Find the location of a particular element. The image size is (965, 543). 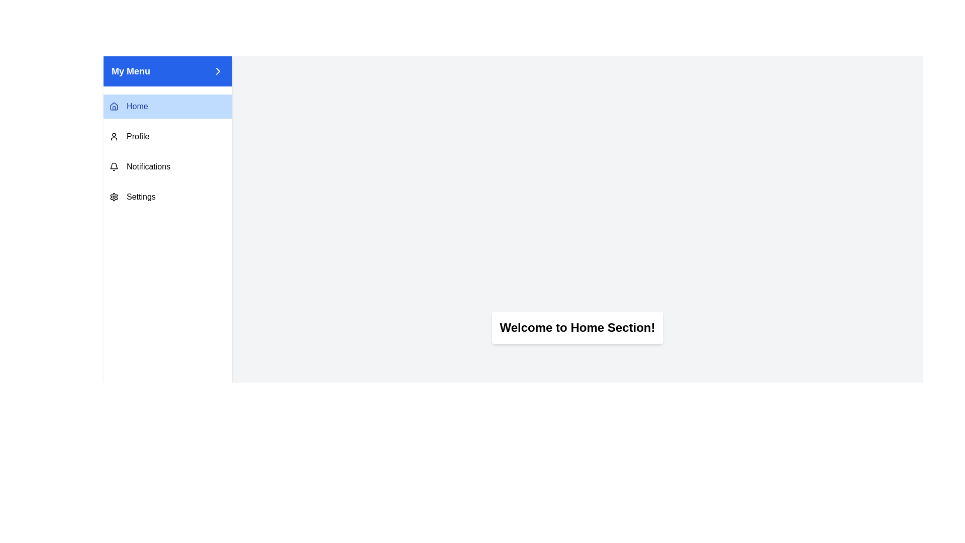

the 'Home' icon located in the sidebar menu, which is the first icon next to the 'Home' label is located at coordinates (114, 106).